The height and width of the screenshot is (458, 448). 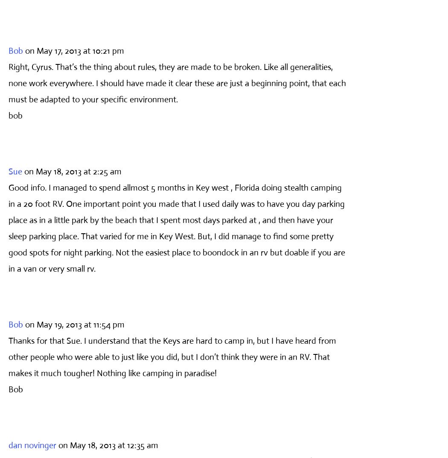 What do you see at coordinates (176, 228) in the screenshot?
I see `'Good info. I managed to spend allmost 5 months in Key west , Florida doing stealth camping in a 20 foot RV. One important point you made that I used daily was to have you day parking place as in a little park by the beach that I spent most days parked at , and then have your sleep parking place. That varied for me in Key West. But, I did manage to find some pretty good spots for night parking. Not the easiest place to boondock in an rv but doable if you are in a van or very small rv.'` at bounding box center [176, 228].